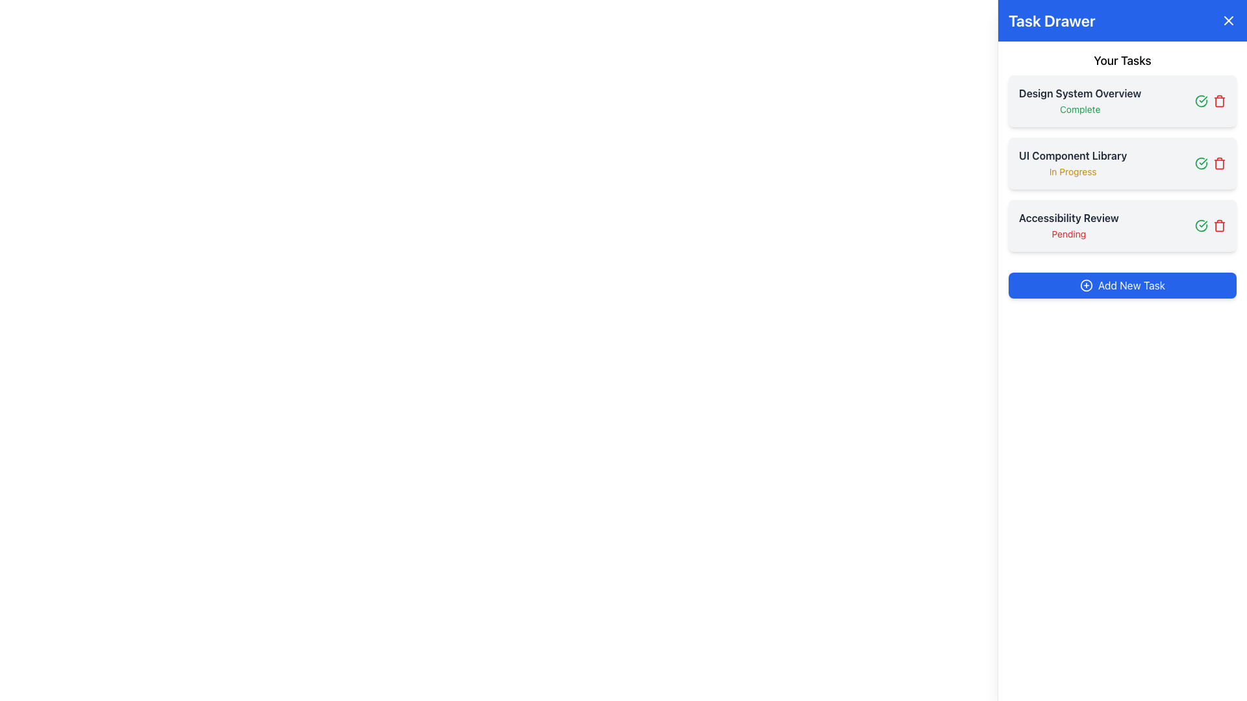 This screenshot has height=701, width=1247. Describe the element at coordinates (1200, 162) in the screenshot. I see `the green circular check mark icon located next to the text 'Design System Overview' in the task drawer` at that location.